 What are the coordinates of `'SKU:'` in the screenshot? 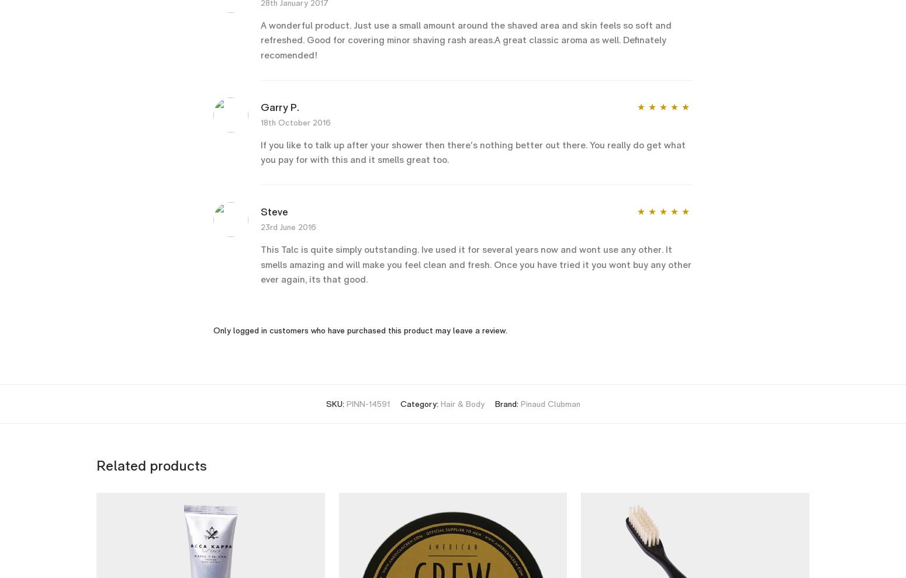 It's located at (336, 403).